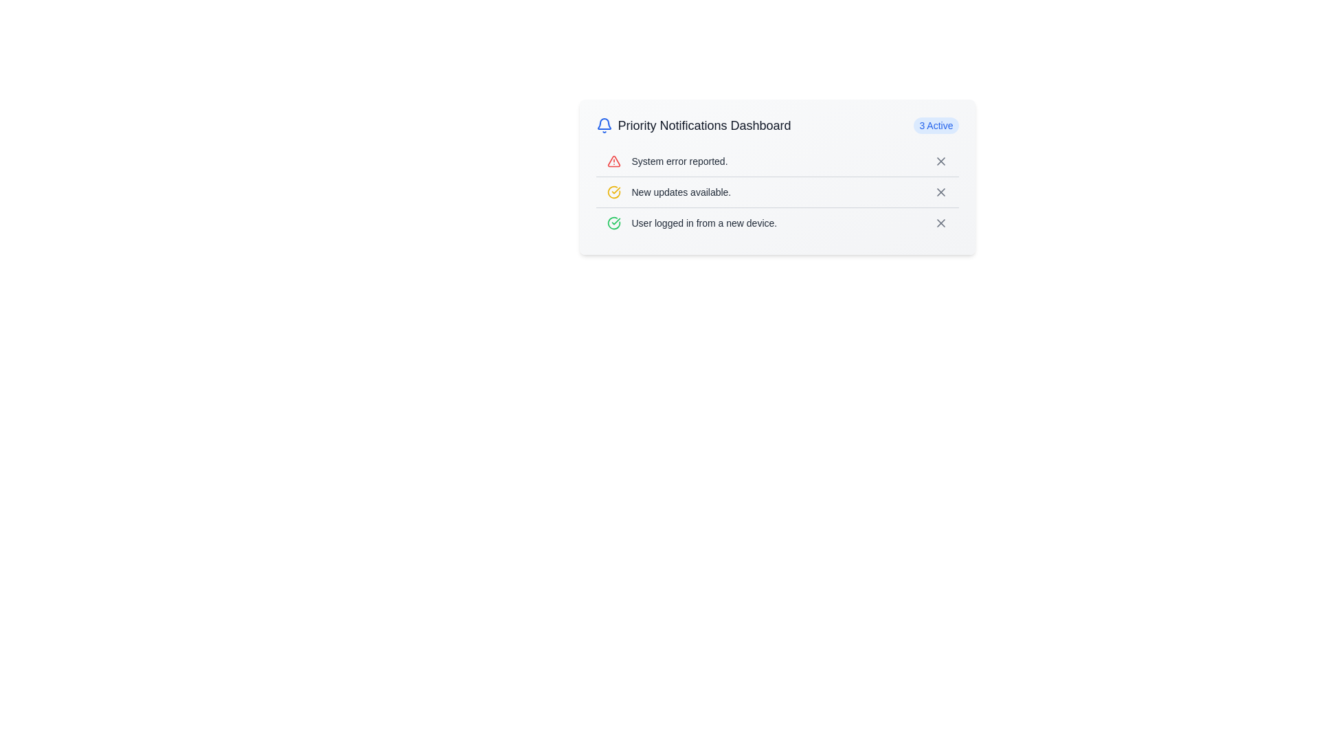  What do you see at coordinates (940, 192) in the screenshot?
I see `the dismiss button represented by a cross (X) icon` at bounding box center [940, 192].